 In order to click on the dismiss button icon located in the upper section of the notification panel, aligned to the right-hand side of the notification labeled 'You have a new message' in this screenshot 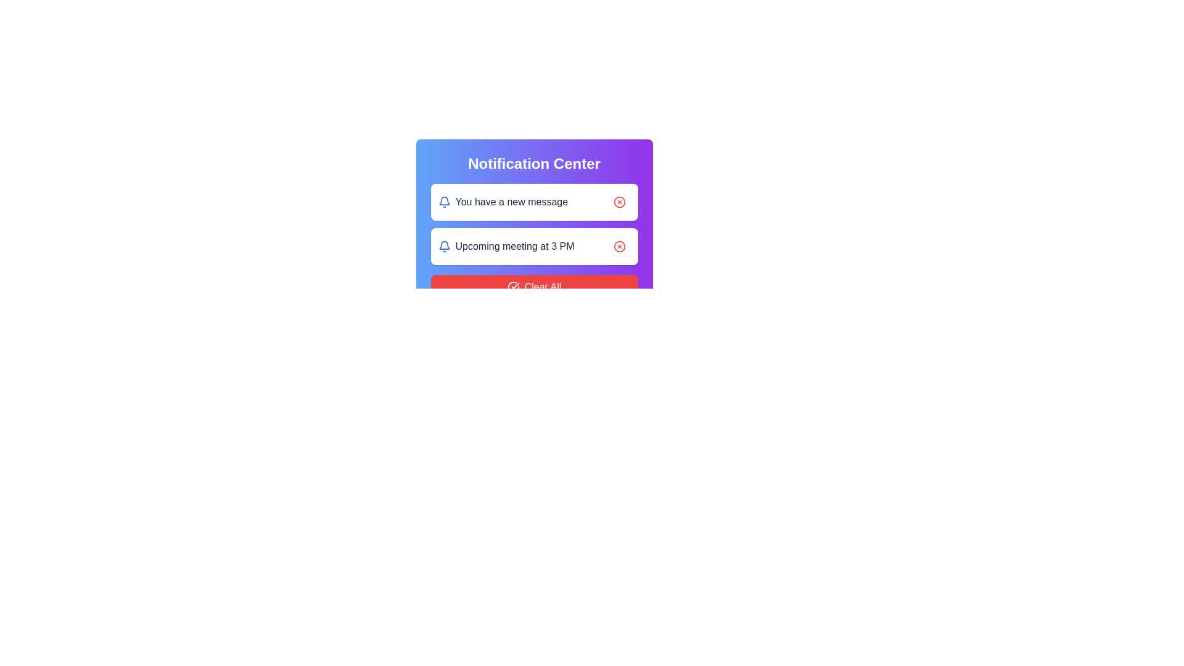, I will do `click(619, 201)`.